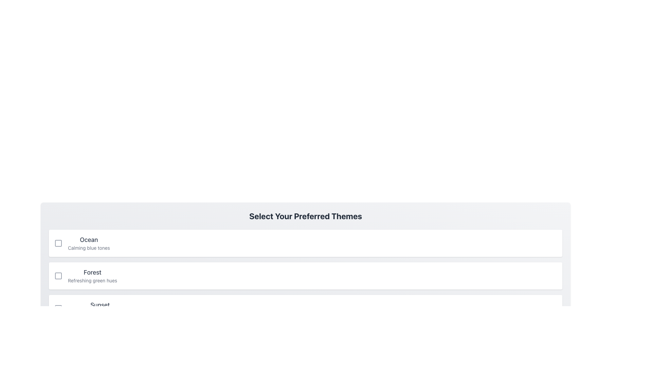  Describe the element at coordinates (92, 272) in the screenshot. I see `the text label displaying 'Forest', which is styled with medium weight and gray color, located above the description 'Refreshing green hues'` at that location.